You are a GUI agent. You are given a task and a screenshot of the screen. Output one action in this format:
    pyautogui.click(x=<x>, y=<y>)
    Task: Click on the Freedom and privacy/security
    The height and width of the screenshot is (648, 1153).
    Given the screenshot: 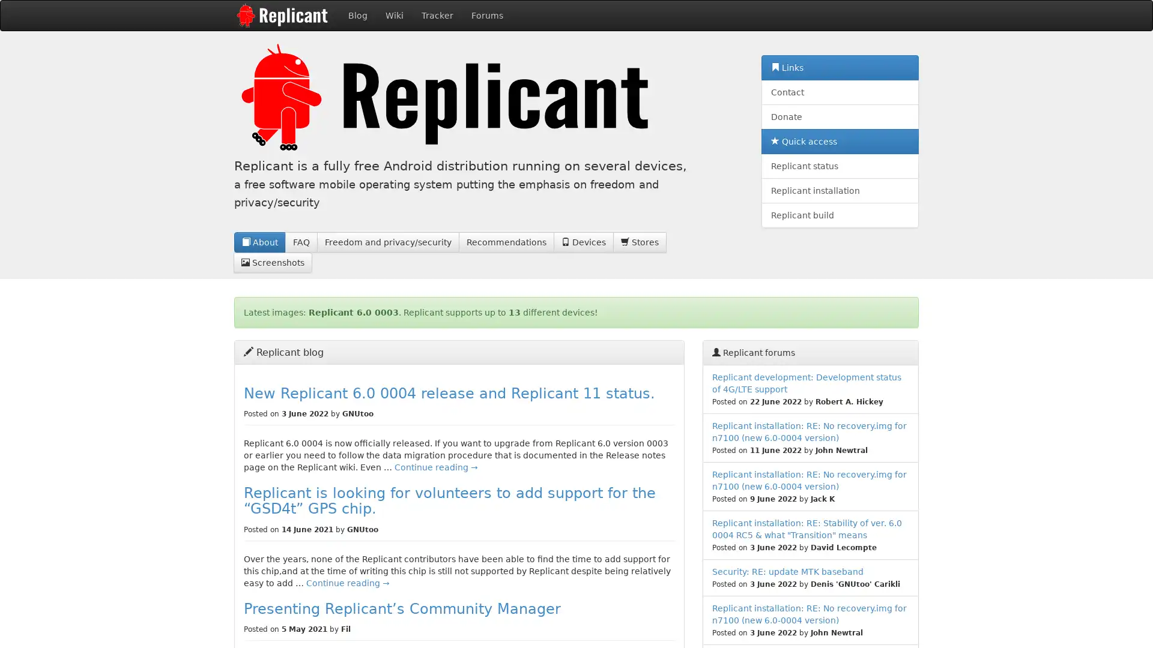 What is the action you would take?
    pyautogui.click(x=388, y=242)
    